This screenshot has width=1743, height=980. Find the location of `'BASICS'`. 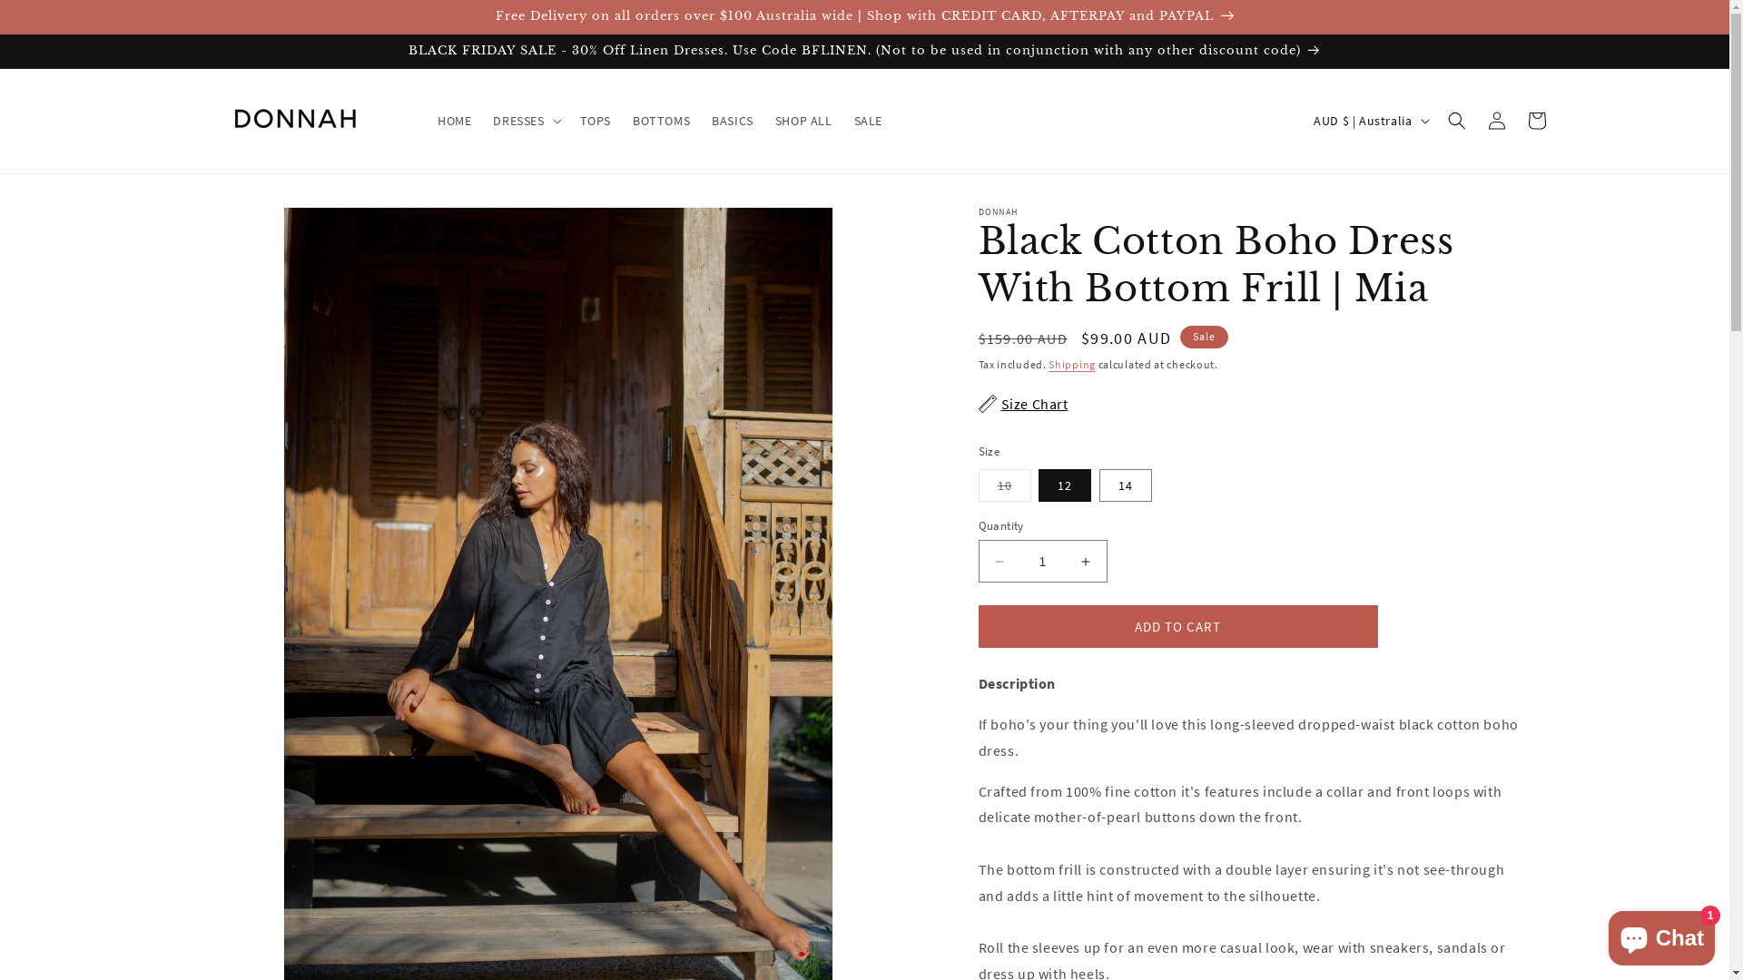

'BASICS' is located at coordinates (732, 120).